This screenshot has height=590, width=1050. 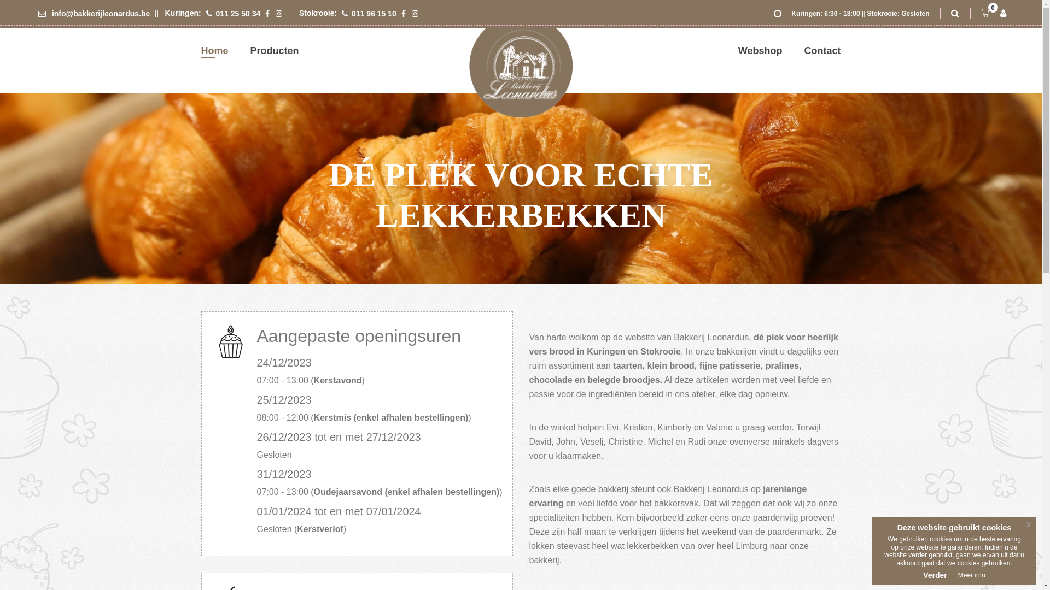 I want to click on 'x', so click(x=1028, y=524).